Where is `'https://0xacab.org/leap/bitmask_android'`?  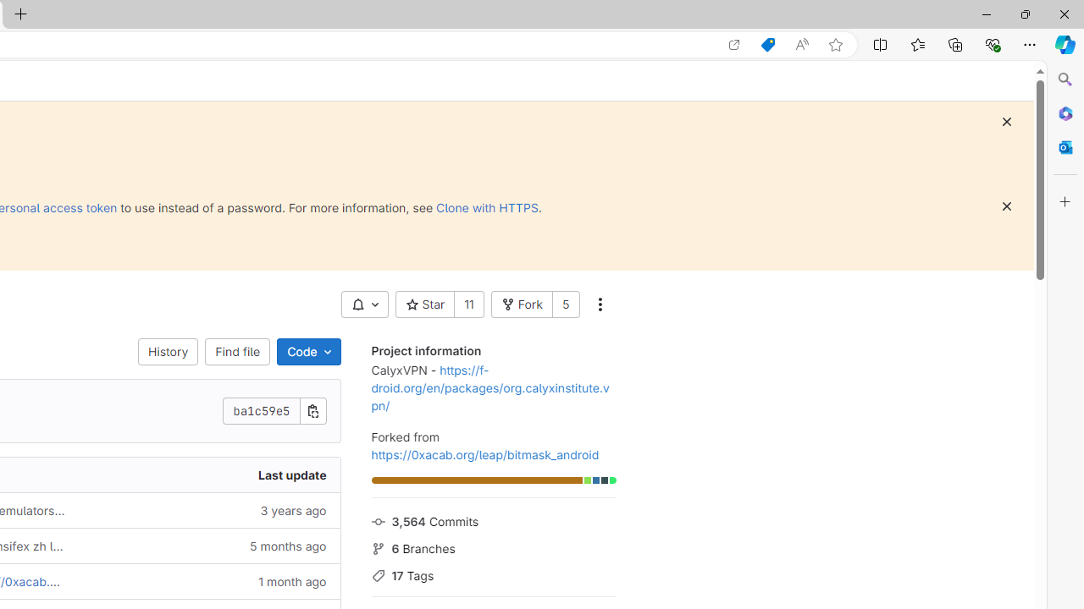 'https://0xacab.org/leap/bitmask_android' is located at coordinates (484, 453).